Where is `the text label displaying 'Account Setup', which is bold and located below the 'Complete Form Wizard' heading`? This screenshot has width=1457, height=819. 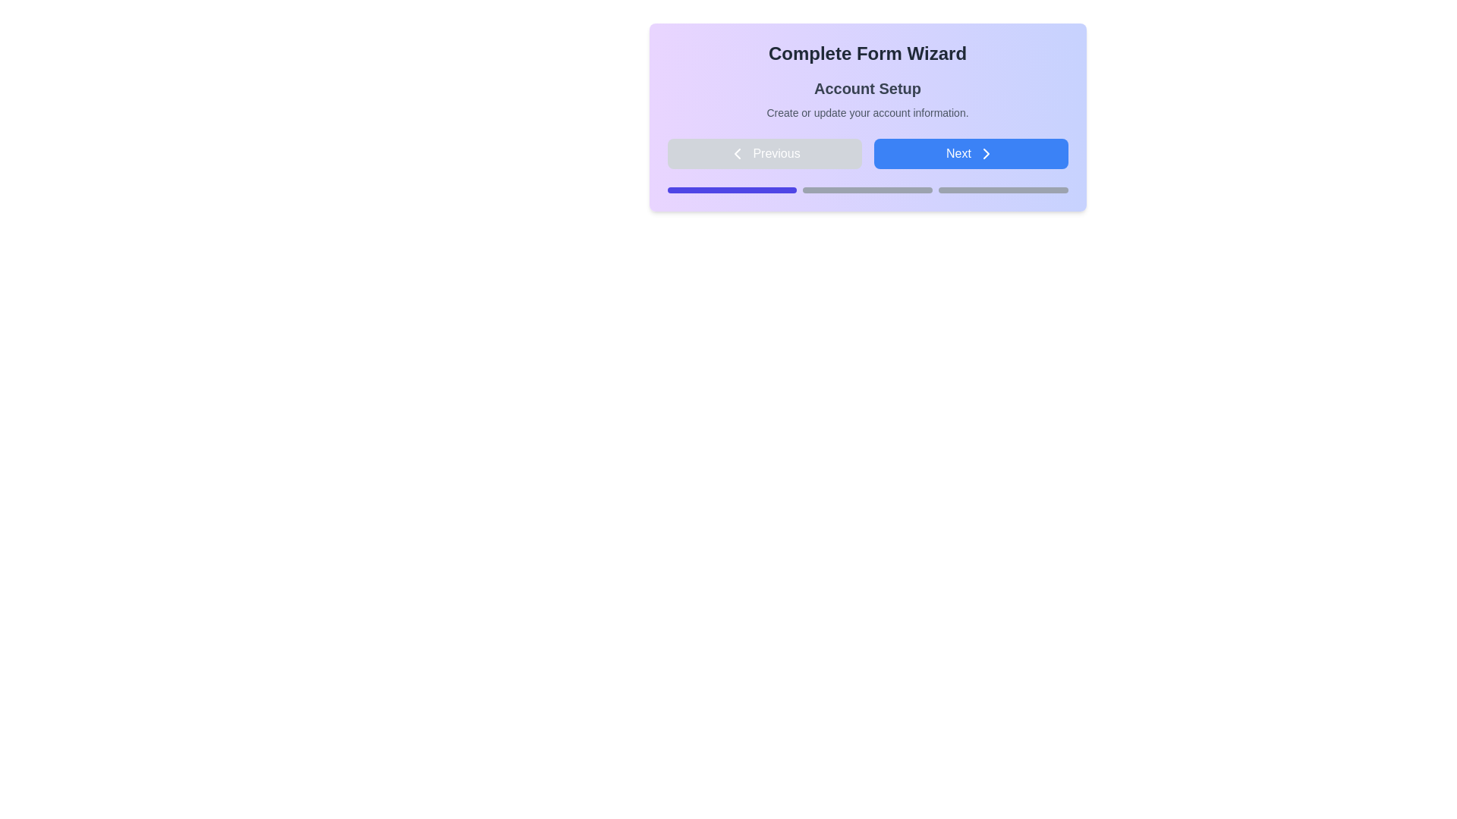 the text label displaying 'Account Setup', which is bold and located below the 'Complete Form Wizard' heading is located at coordinates (867, 88).